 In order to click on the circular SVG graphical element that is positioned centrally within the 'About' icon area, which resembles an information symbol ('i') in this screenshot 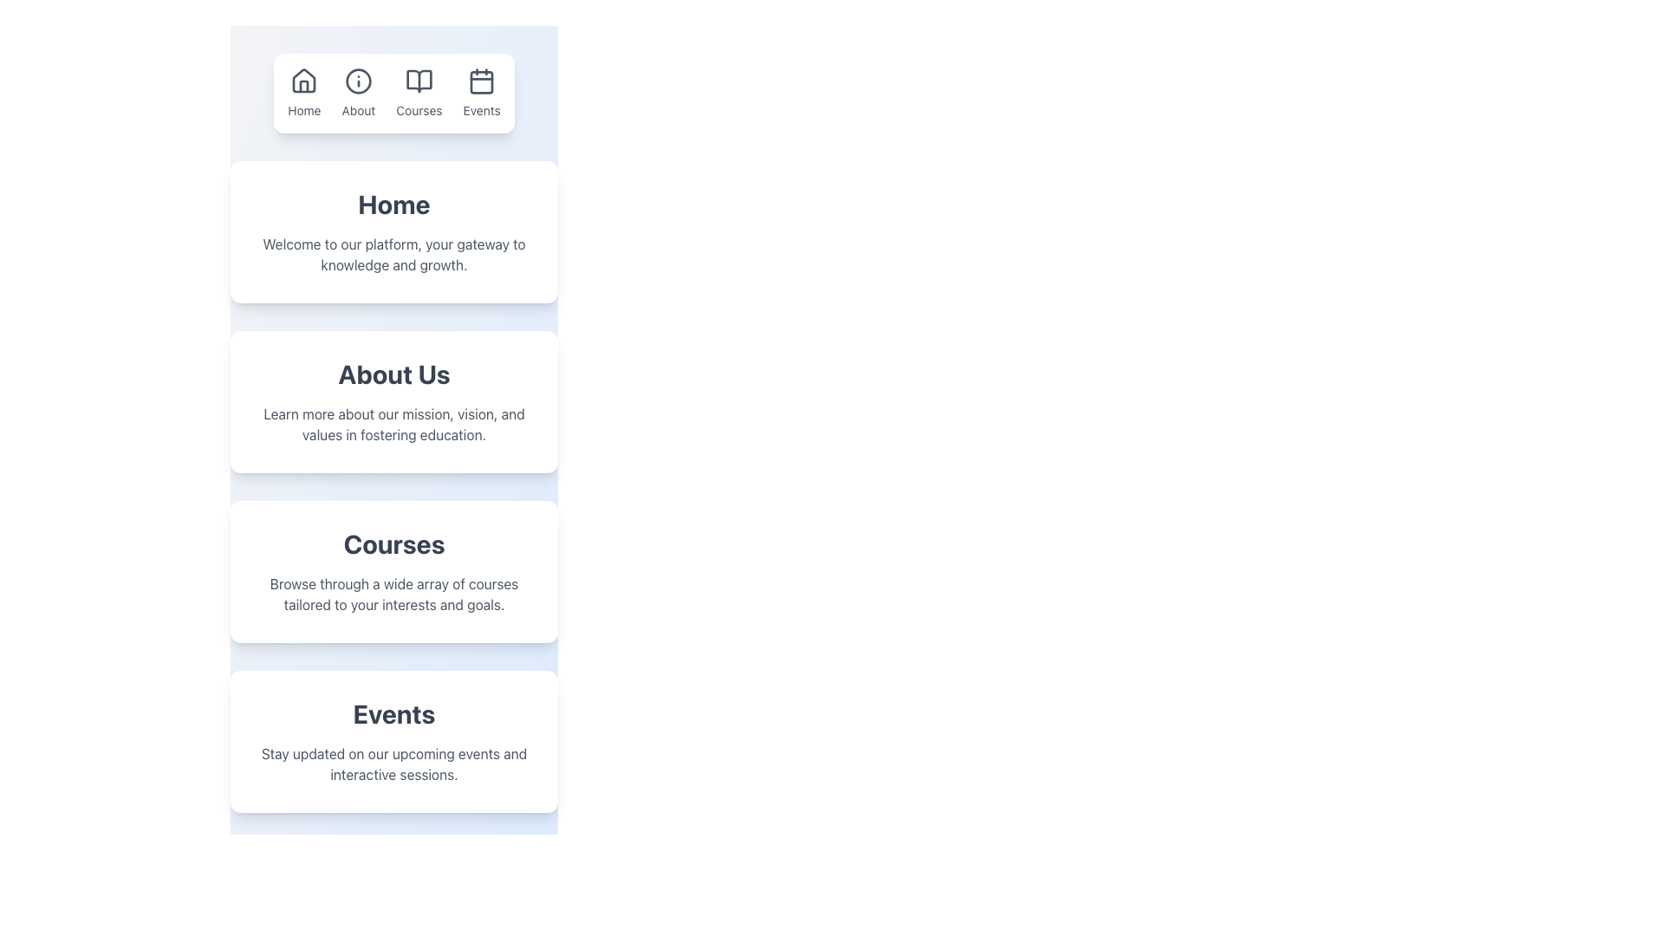, I will do `click(357, 81)`.